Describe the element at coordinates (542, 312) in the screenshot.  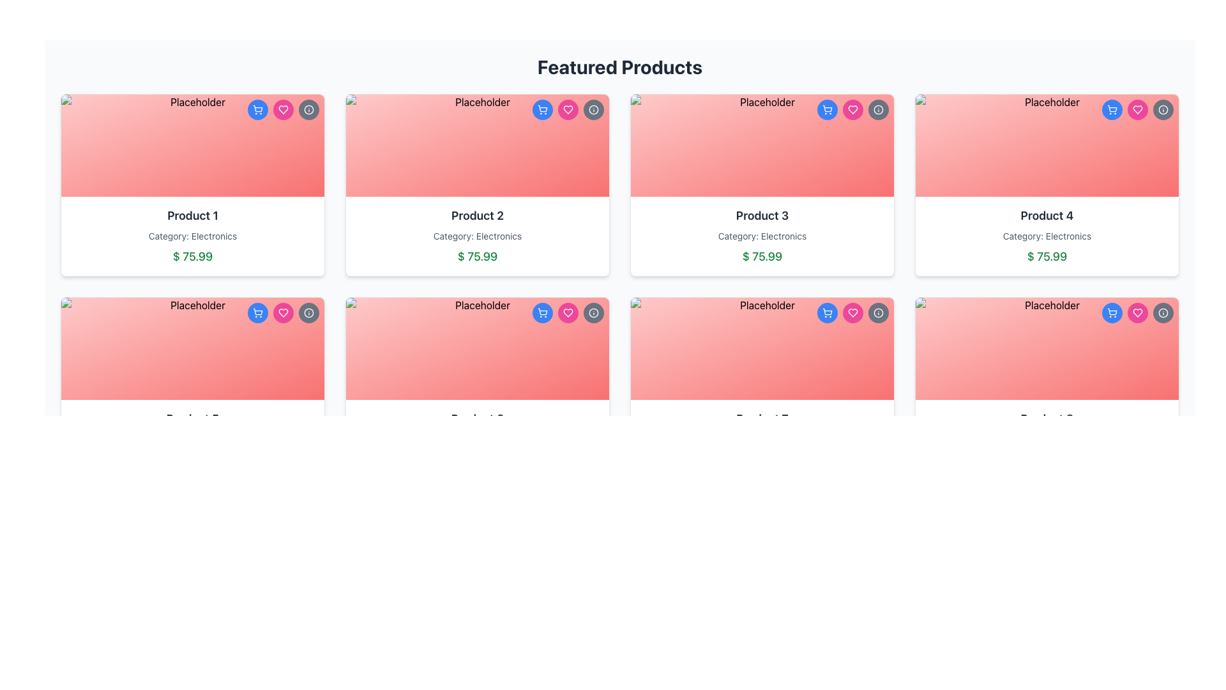
I see `the vector graphic part of the shopping cart icon located in the top-right corner of the 'Product 2' card if it is interactive` at that location.